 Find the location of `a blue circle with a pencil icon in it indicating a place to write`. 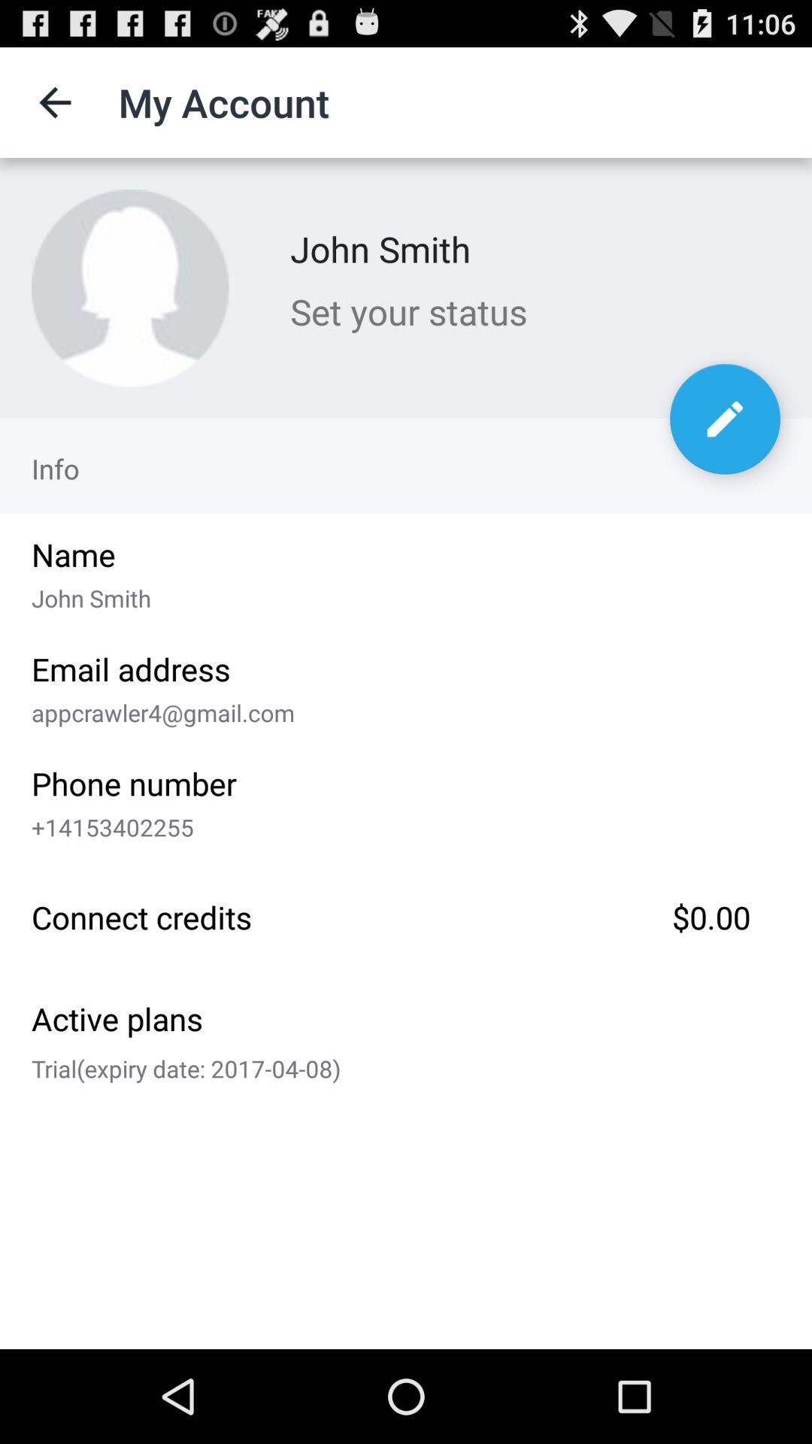

a blue circle with a pencil icon in it indicating a place to write is located at coordinates (724, 419).